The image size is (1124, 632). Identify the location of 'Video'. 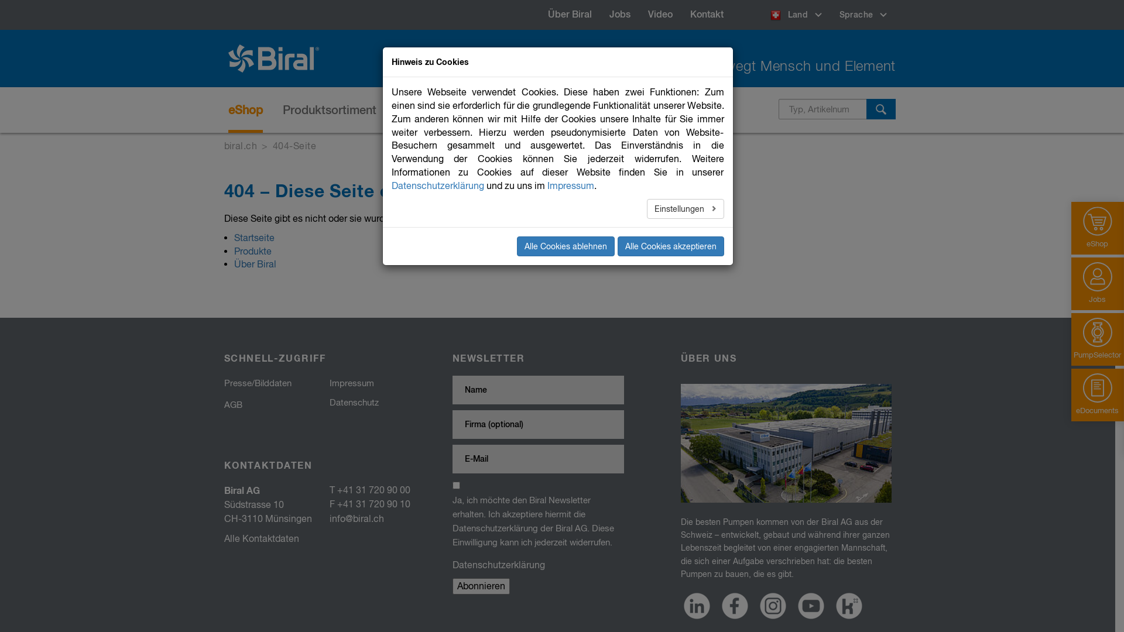
(660, 14).